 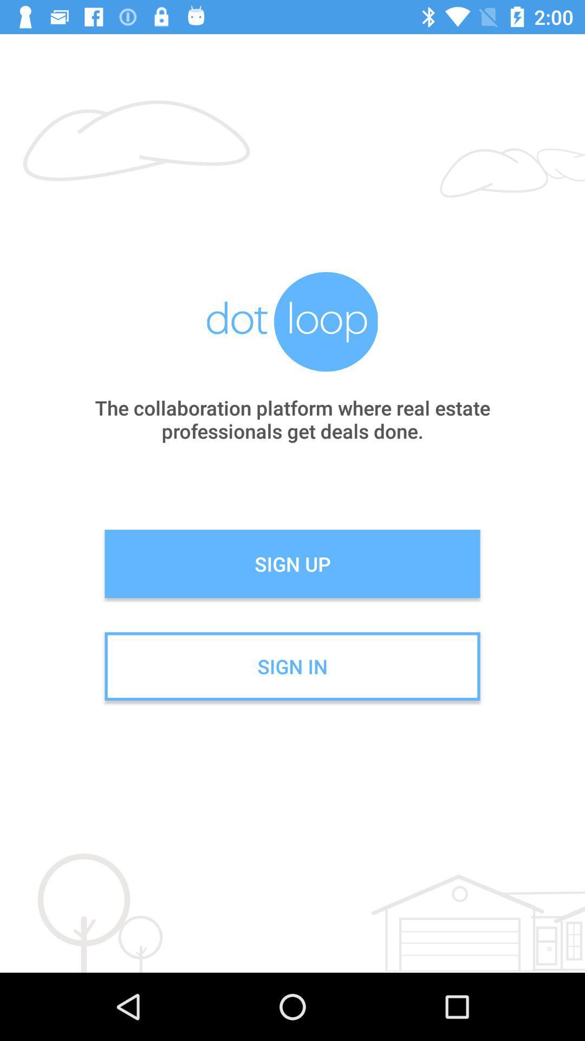 I want to click on the sign in icon, so click(x=292, y=666).